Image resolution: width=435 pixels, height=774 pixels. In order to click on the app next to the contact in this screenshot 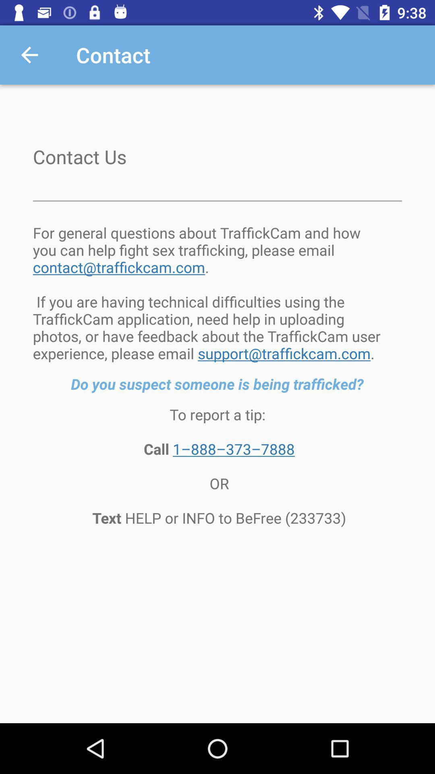, I will do `click(29, 54)`.